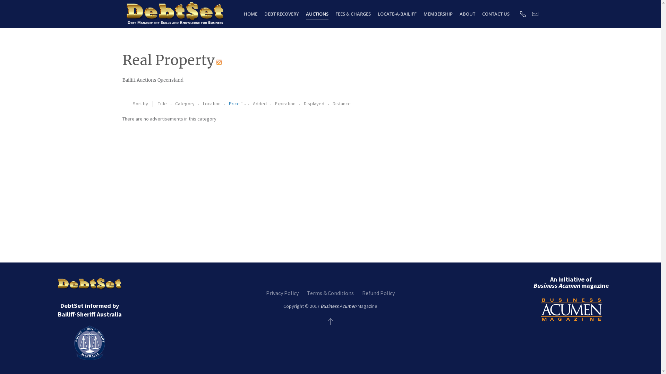 The image size is (666, 374). What do you see at coordinates (330, 293) in the screenshot?
I see `'Terms & Conditions'` at bounding box center [330, 293].